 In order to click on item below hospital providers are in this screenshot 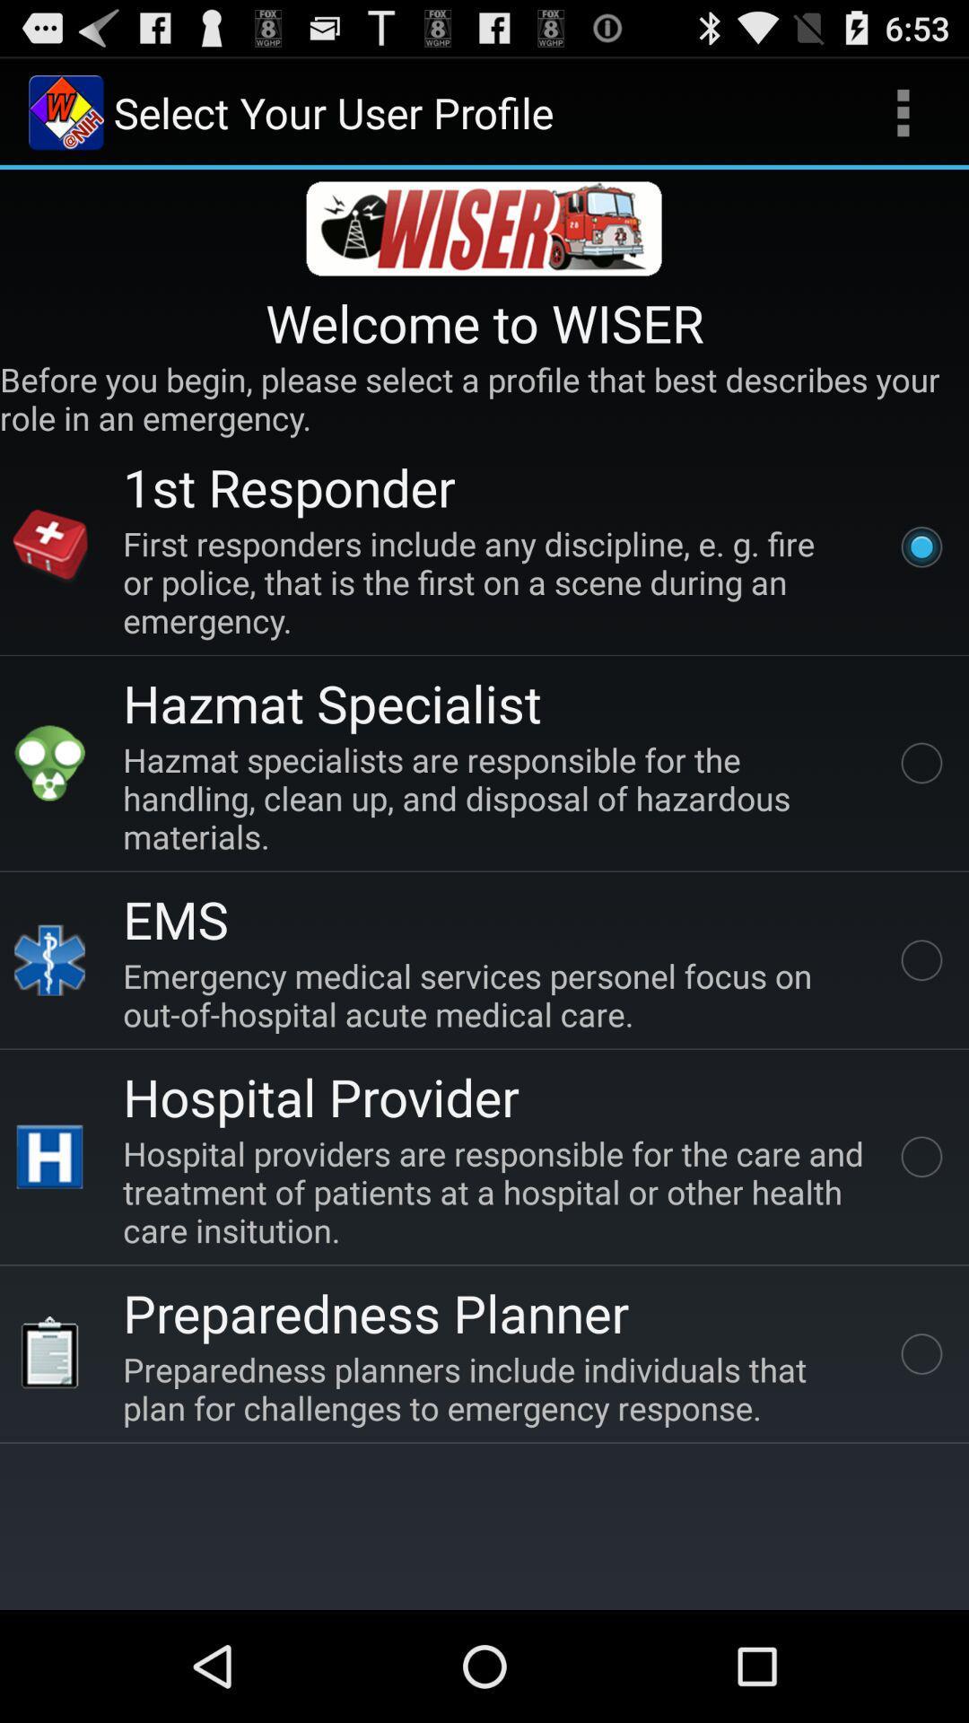, I will do `click(375, 1312)`.